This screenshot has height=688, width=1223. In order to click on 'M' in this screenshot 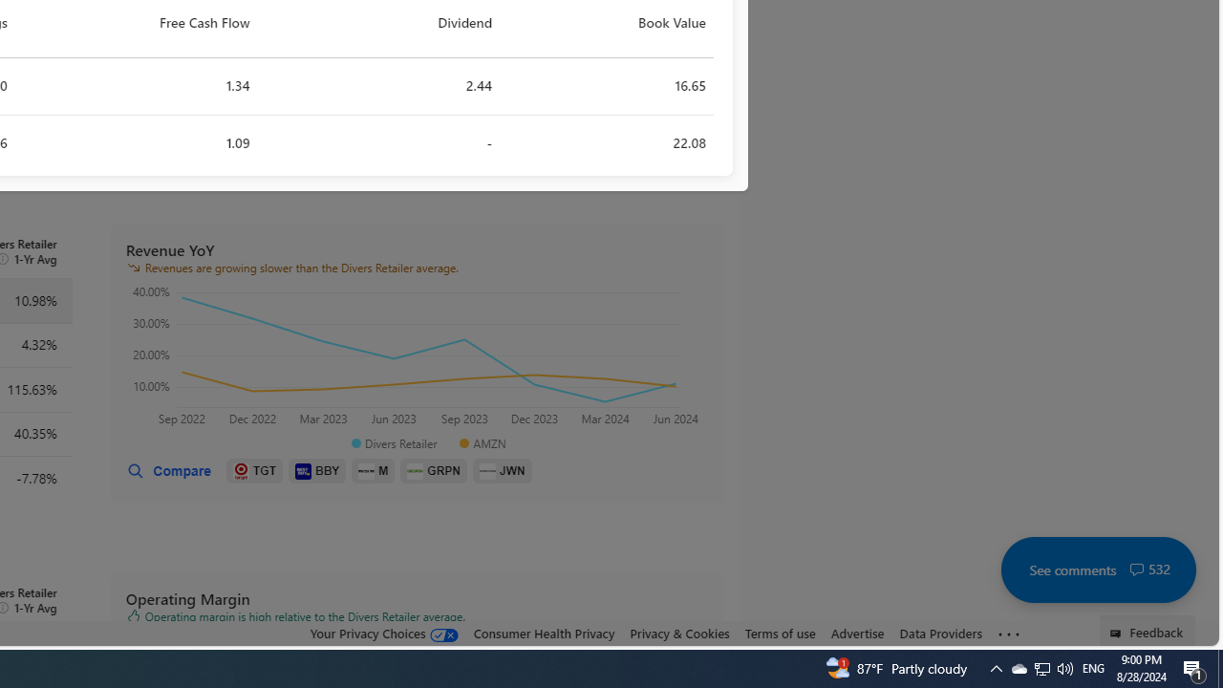, I will do `click(374, 471)`.